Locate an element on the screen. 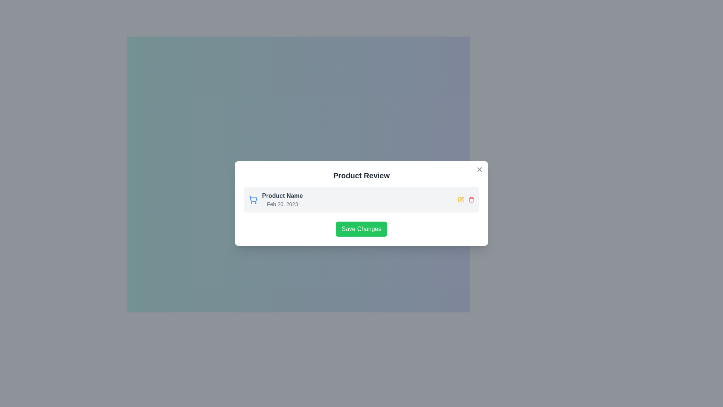 The height and width of the screenshot is (407, 723). the close button icon, represented as a red 'X' within a white circular area, located at the top-right corner of the 'Product Review' dialog for visual feedback is located at coordinates (479, 170).